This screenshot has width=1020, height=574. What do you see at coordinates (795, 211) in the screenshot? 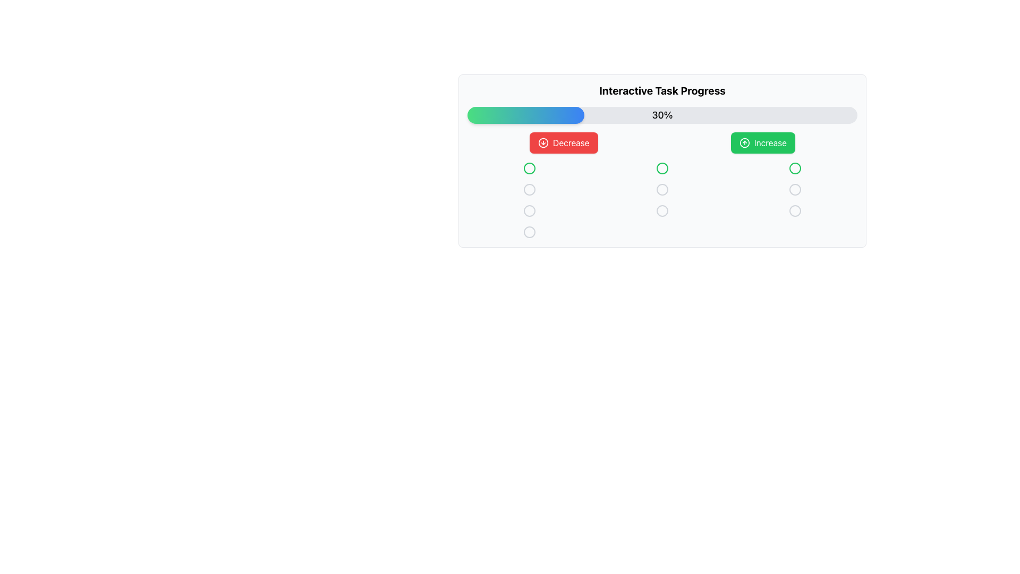
I see `the circular graphical indicator located in the bottom-right part of the layout, below the 'Increase' button` at bounding box center [795, 211].